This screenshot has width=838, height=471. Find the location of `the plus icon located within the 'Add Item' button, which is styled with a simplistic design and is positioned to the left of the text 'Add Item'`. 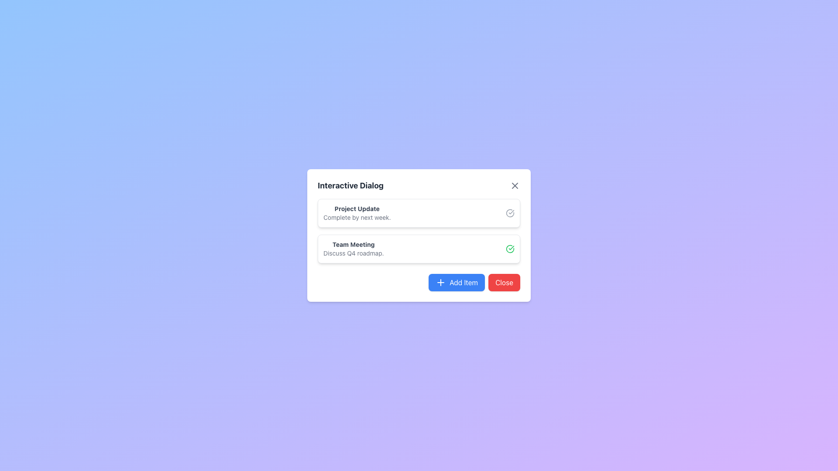

the plus icon located within the 'Add Item' button, which is styled with a simplistic design and is positioned to the left of the text 'Add Item' is located at coordinates (441, 283).